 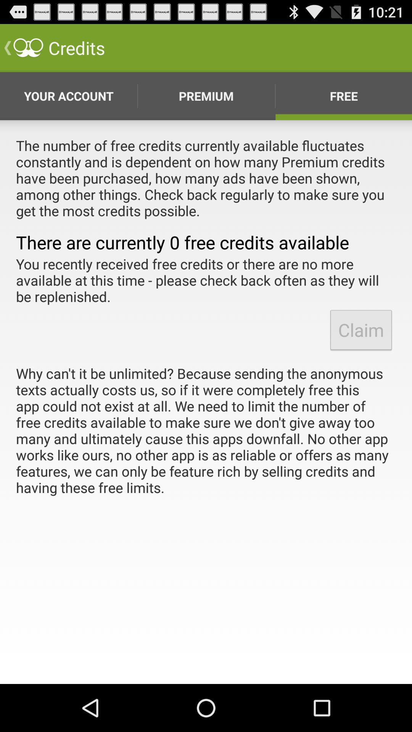 I want to click on the logo on left to the text credits on the web page, so click(x=27, y=47).